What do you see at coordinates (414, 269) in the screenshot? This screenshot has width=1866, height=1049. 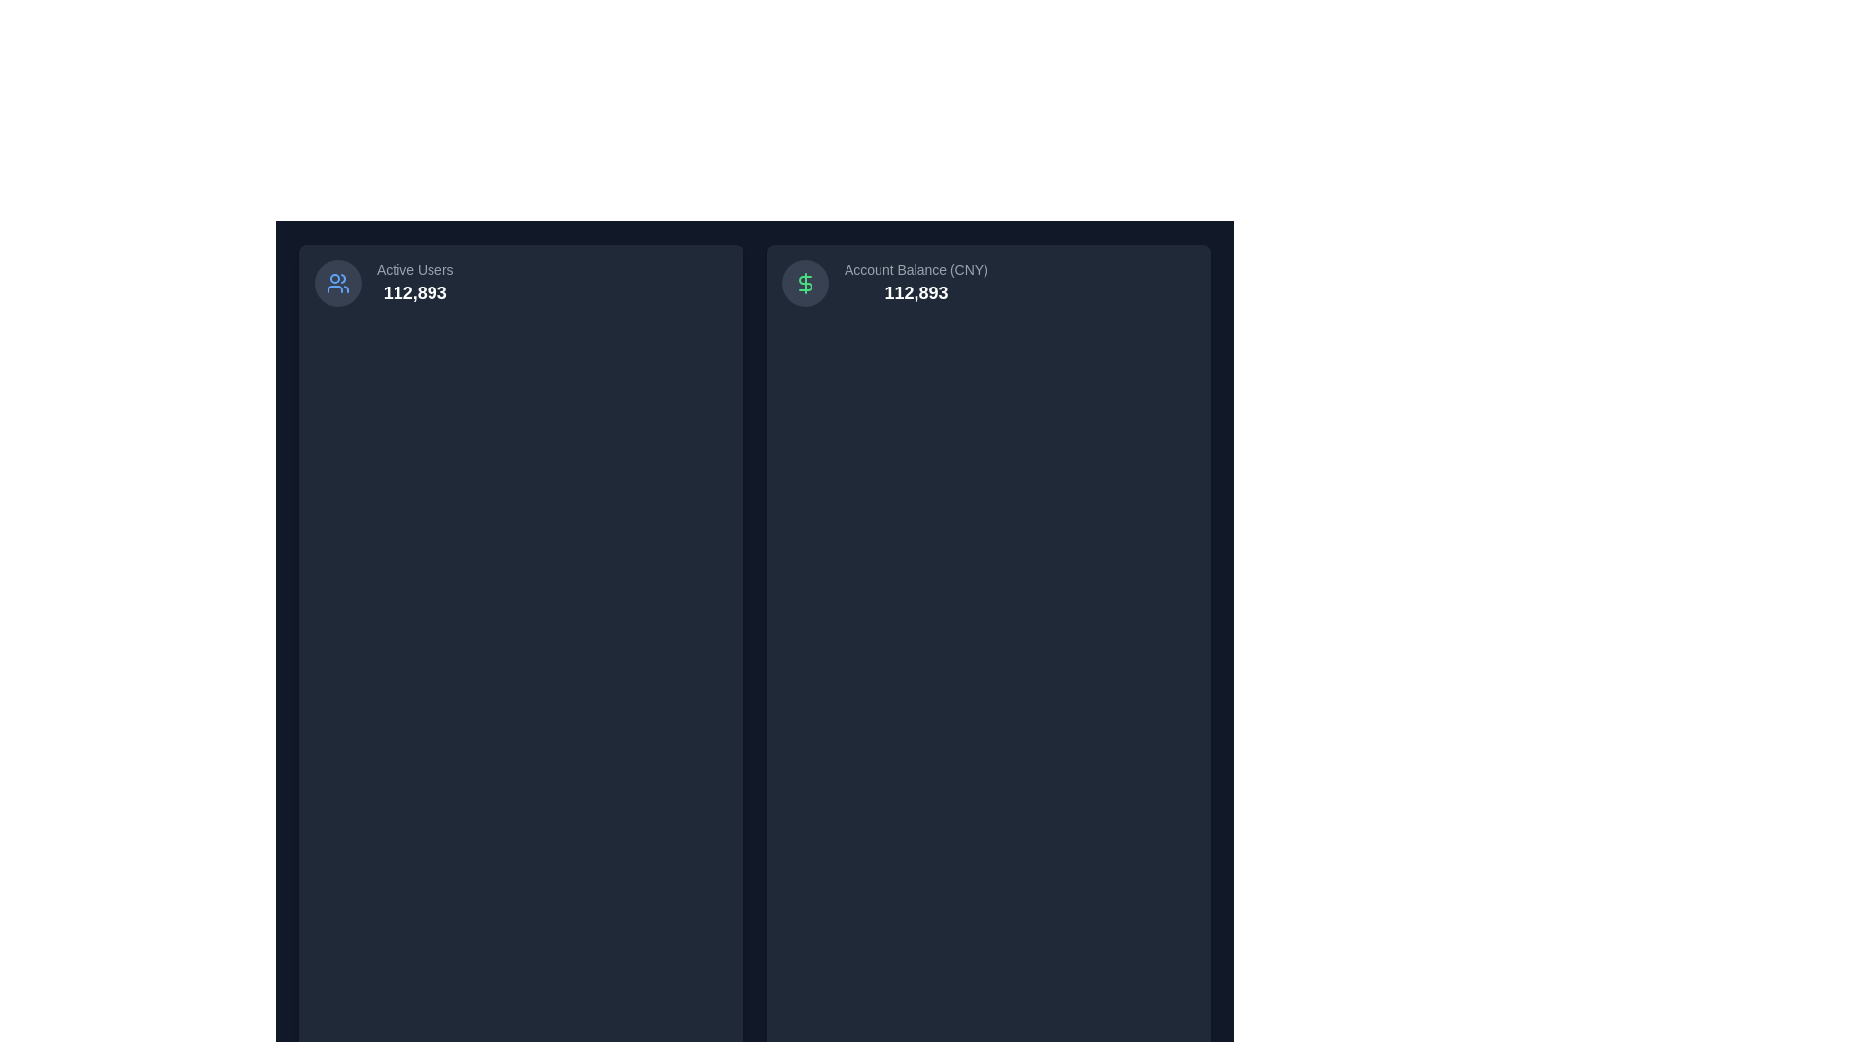 I see `the Text Label indicating the count of active users` at bounding box center [414, 269].